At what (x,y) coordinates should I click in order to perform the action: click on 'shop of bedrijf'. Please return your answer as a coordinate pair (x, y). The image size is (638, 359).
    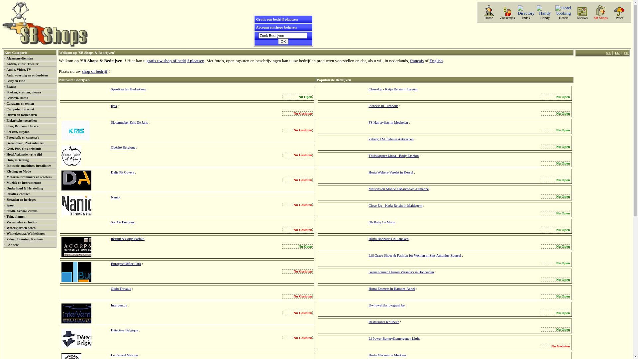
    Looking at the image, I should click on (94, 71).